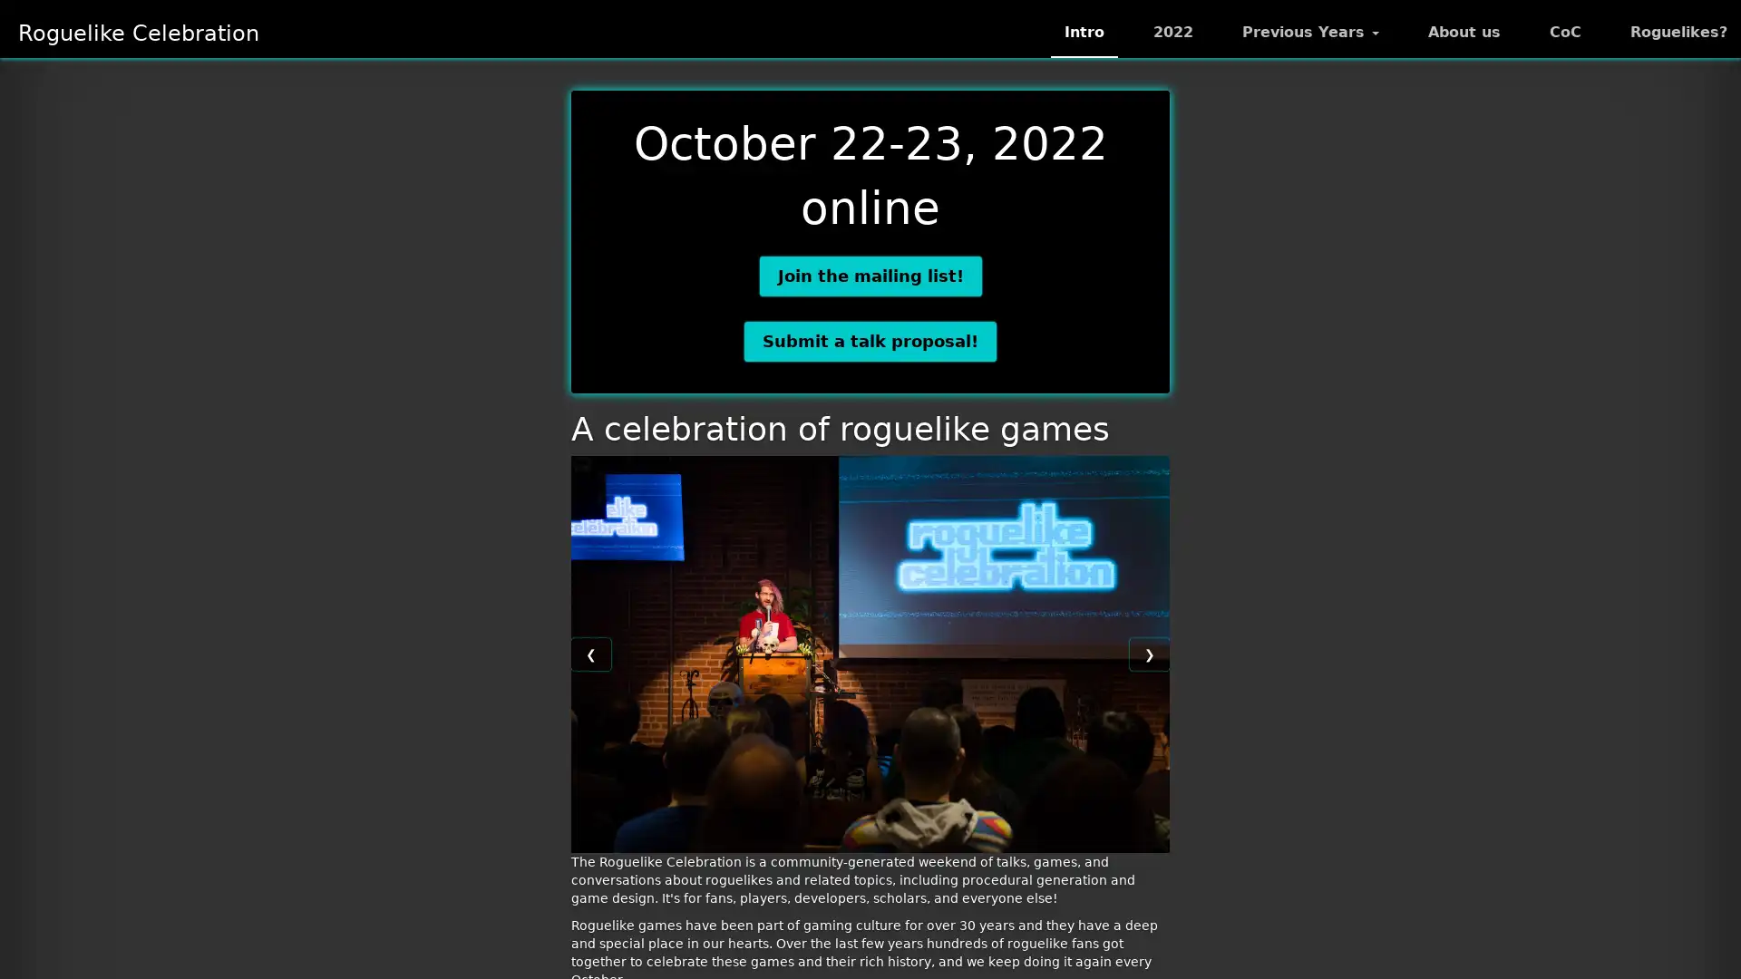  I want to click on Join the mailing list!, so click(869, 276).